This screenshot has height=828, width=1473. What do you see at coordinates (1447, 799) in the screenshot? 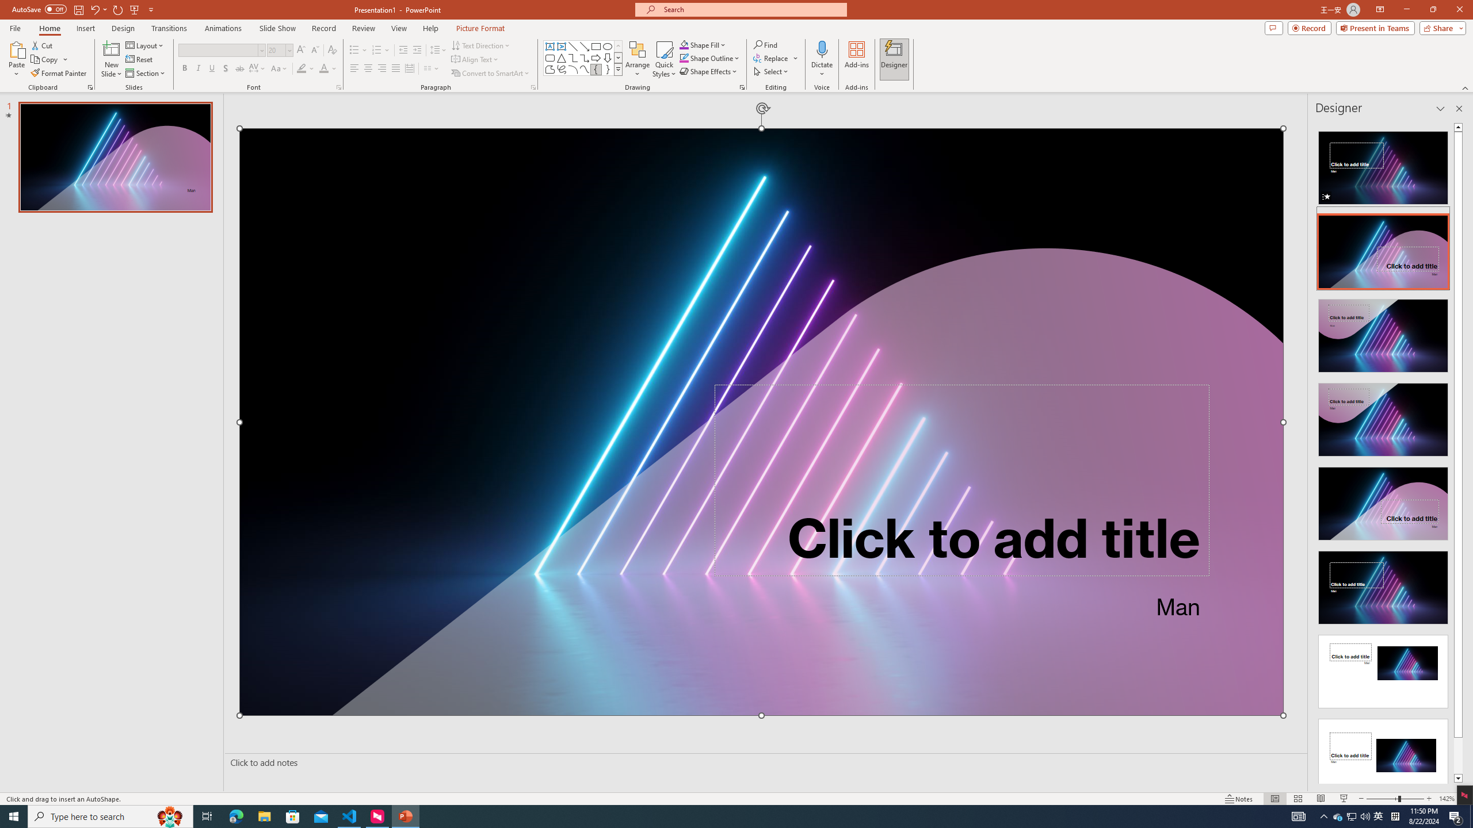
I see `'Zoom 142%'` at bounding box center [1447, 799].